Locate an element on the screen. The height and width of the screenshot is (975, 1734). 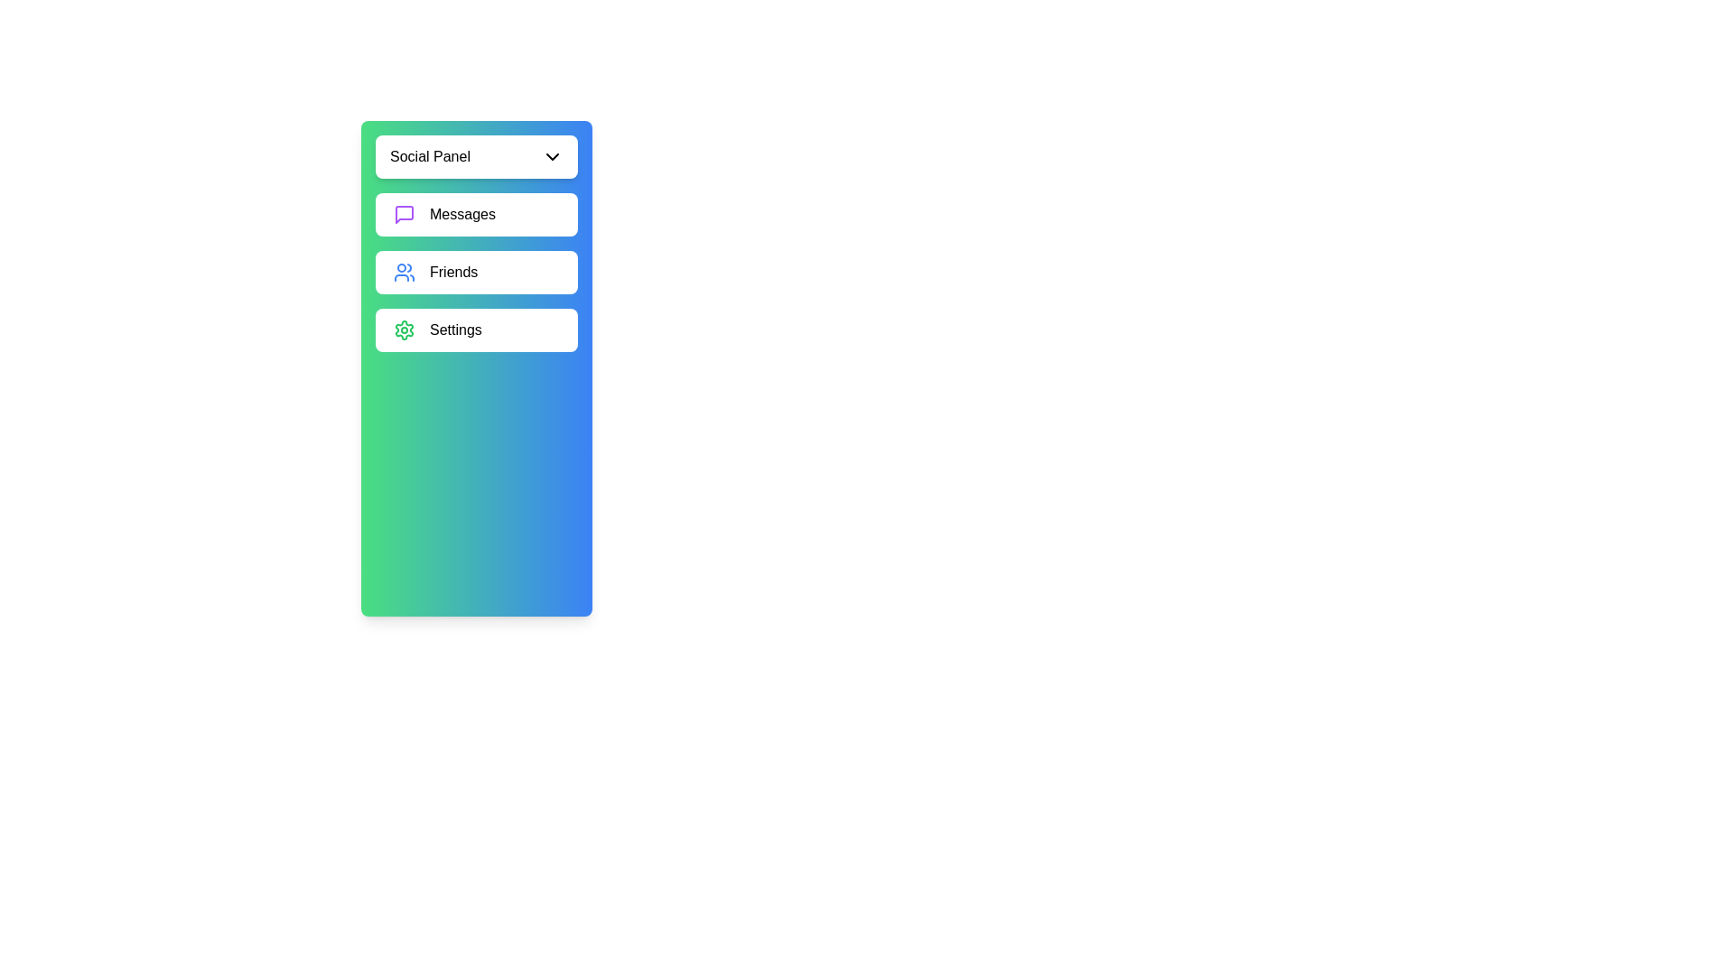
the 'Messages' item in the SocialSidebar is located at coordinates (477, 214).